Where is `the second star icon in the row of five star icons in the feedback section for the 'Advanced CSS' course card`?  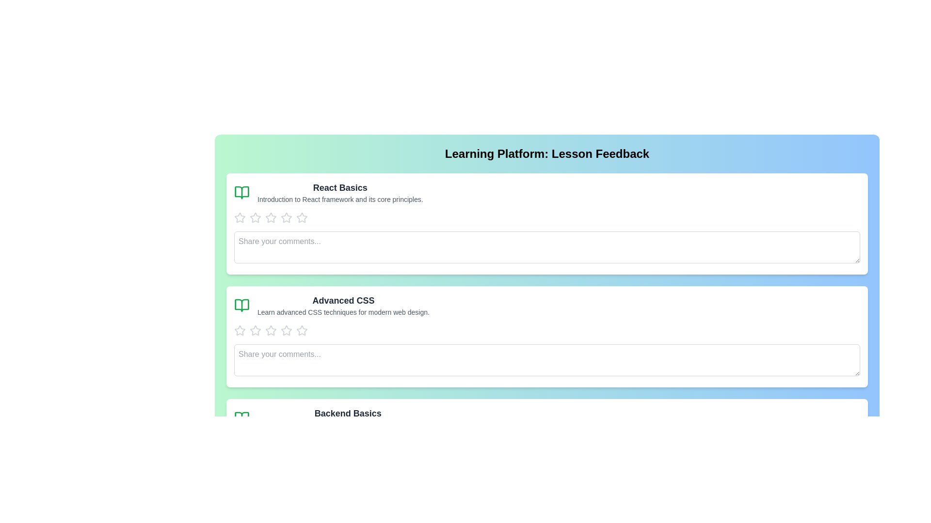
the second star icon in the row of five star icons in the feedback section for the 'Advanced CSS' course card is located at coordinates (256, 330).